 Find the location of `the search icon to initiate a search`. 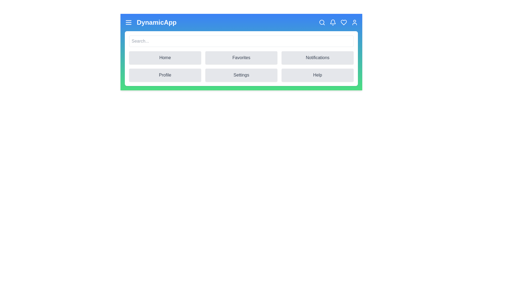

the search icon to initiate a search is located at coordinates (322, 22).